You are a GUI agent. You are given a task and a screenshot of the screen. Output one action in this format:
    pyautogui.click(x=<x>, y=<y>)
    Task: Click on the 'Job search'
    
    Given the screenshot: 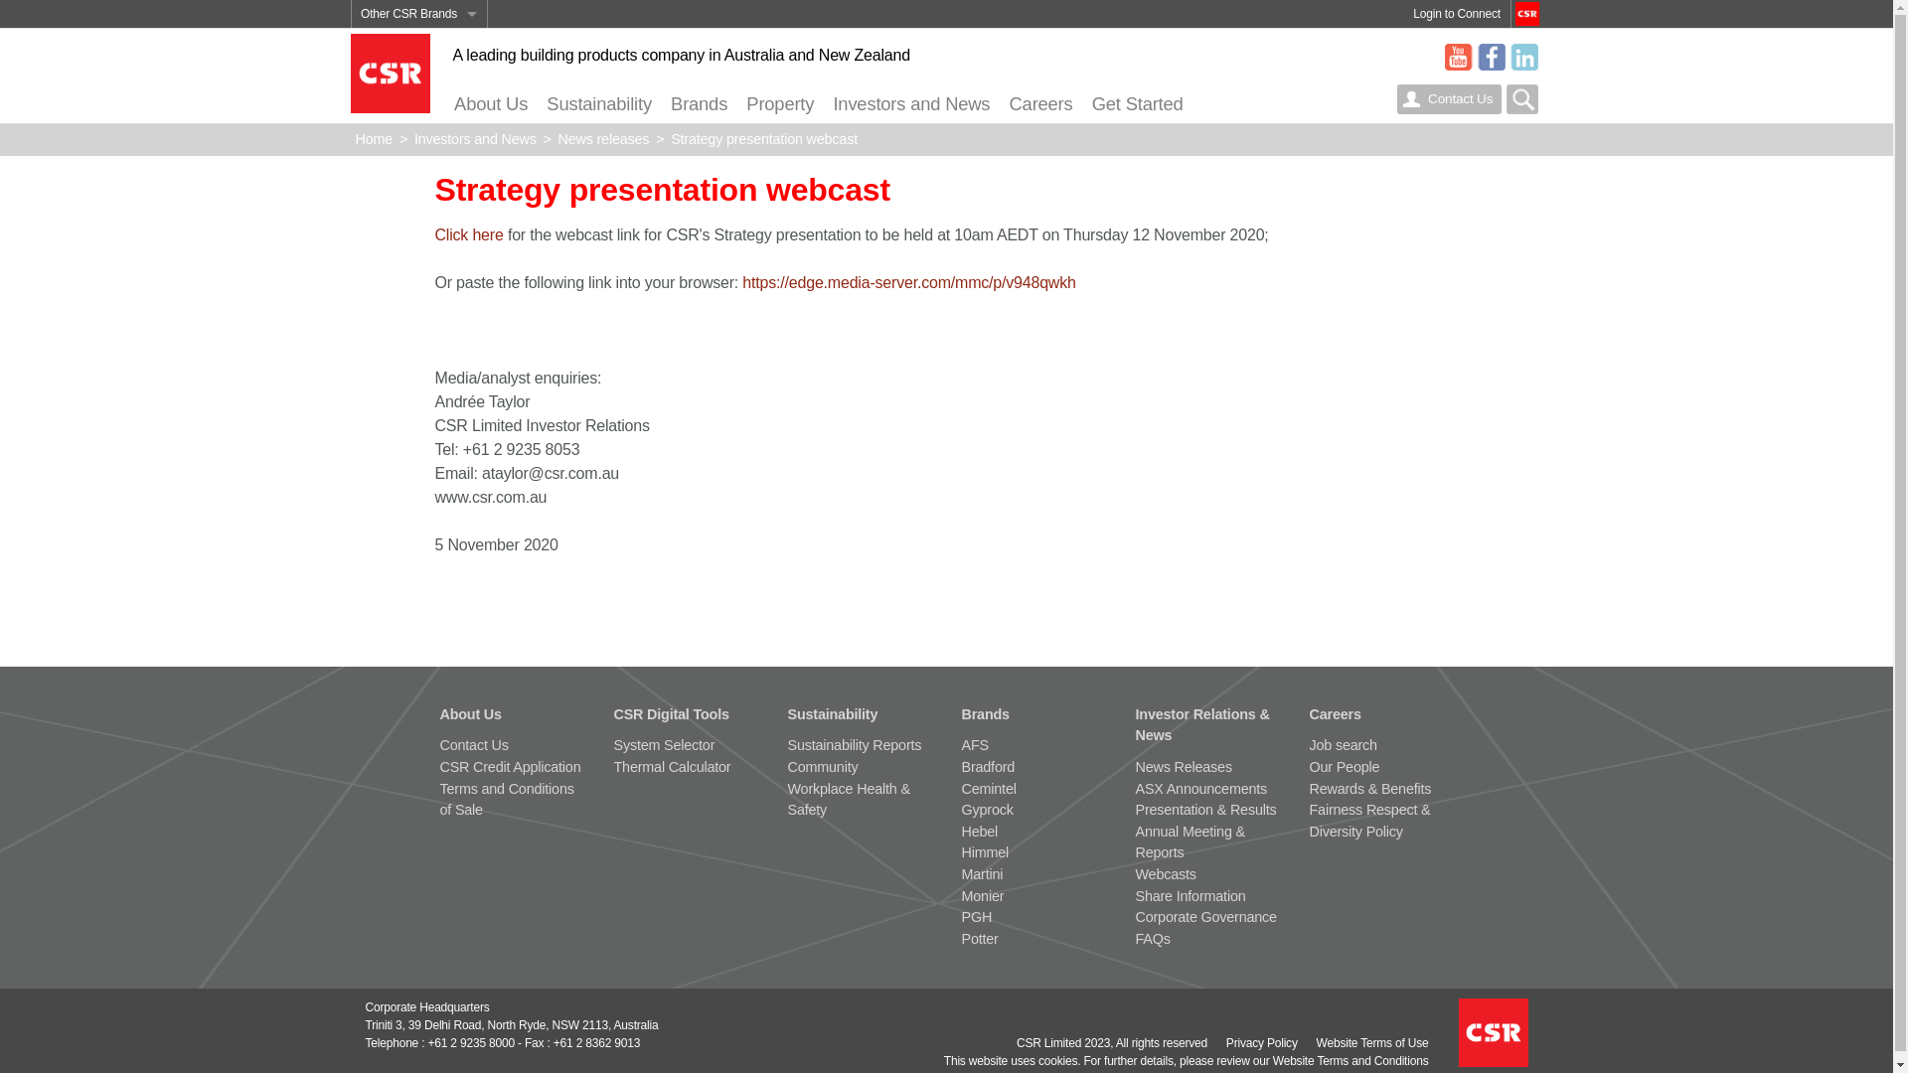 What is the action you would take?
    pyautogui.click(x=1344, y=744)
    